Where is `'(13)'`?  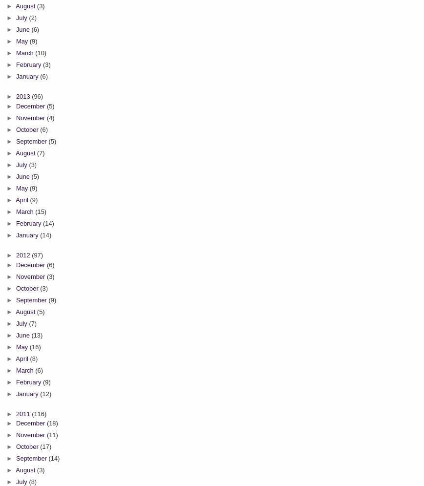
'(13)' is located at coordinates (37, 334).